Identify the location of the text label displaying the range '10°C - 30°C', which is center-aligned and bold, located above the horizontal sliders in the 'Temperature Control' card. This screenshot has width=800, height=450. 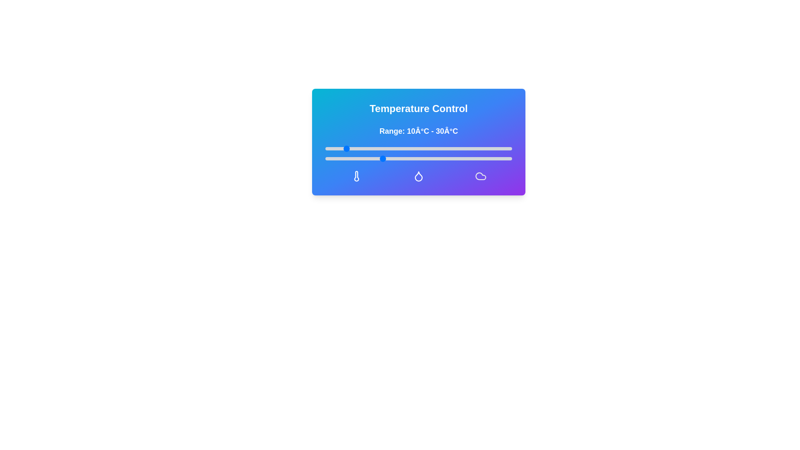
(418, 142).